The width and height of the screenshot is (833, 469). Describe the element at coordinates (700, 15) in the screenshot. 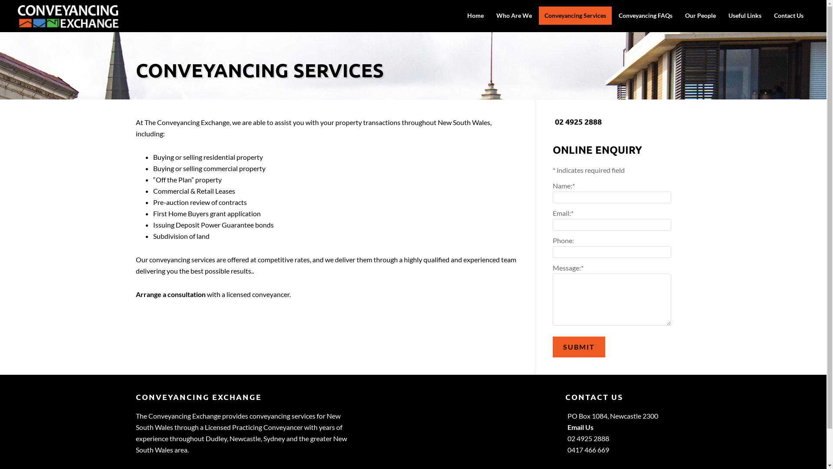

I see `'Our People'` at that location.